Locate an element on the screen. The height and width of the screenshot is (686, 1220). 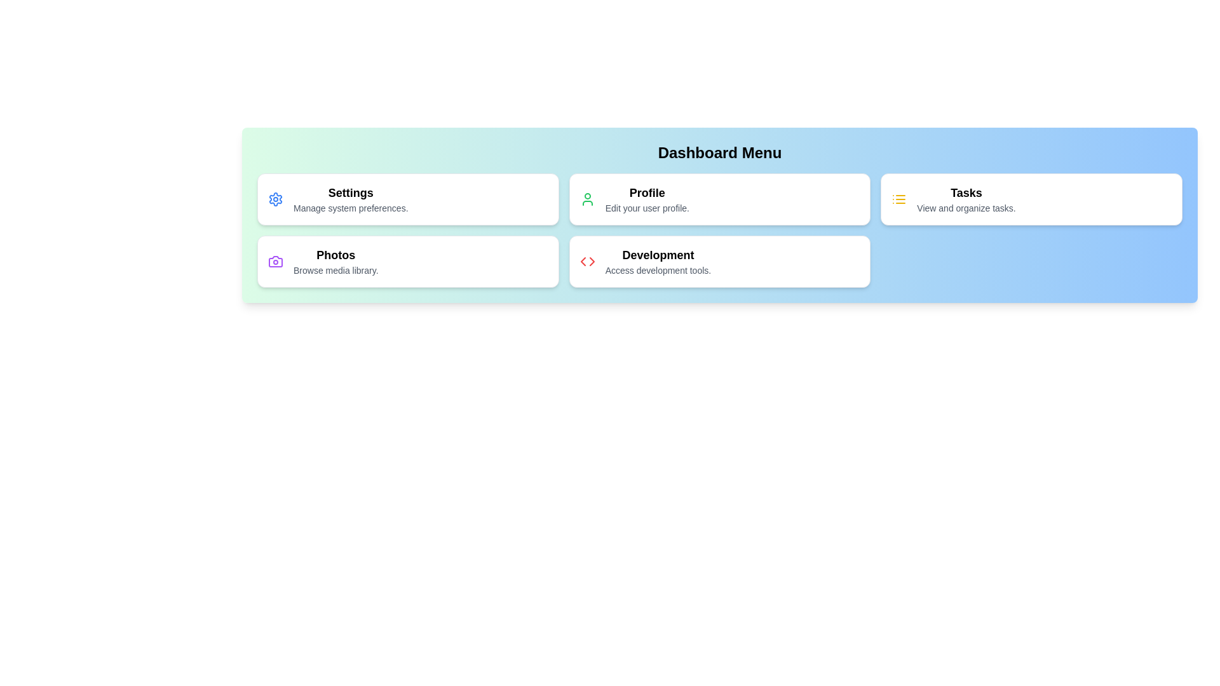
the menu item corresponding to Photos is located at coordinates (408, 261).